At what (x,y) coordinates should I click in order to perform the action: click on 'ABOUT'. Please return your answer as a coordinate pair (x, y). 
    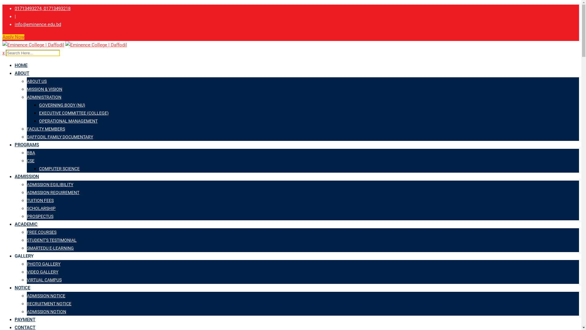
    Looking at the image, I should click on (22, 73).